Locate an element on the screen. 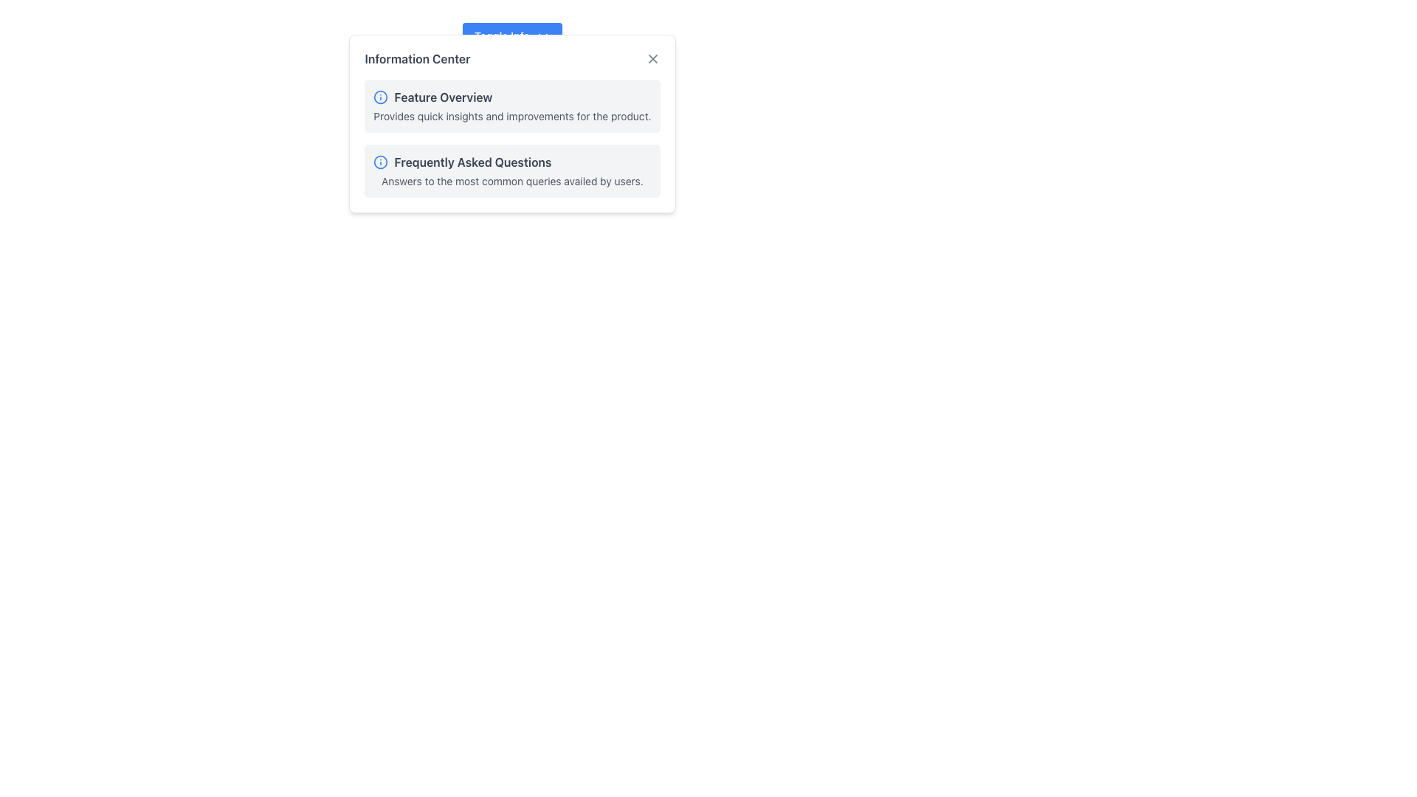 The image size is (1417, 797). the button located in the top section of the modal is located at coordinates (512, 35).